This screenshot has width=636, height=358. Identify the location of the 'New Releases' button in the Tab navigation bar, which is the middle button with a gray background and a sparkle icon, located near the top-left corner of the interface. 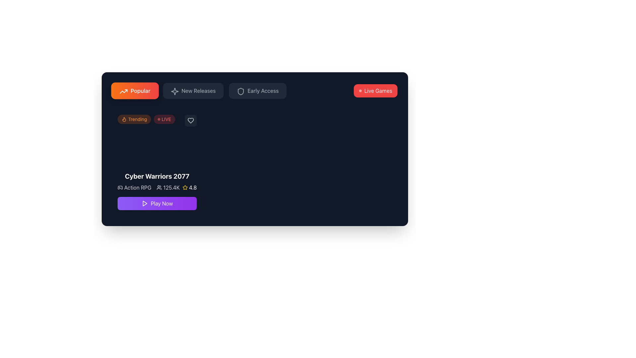
(199, 90).